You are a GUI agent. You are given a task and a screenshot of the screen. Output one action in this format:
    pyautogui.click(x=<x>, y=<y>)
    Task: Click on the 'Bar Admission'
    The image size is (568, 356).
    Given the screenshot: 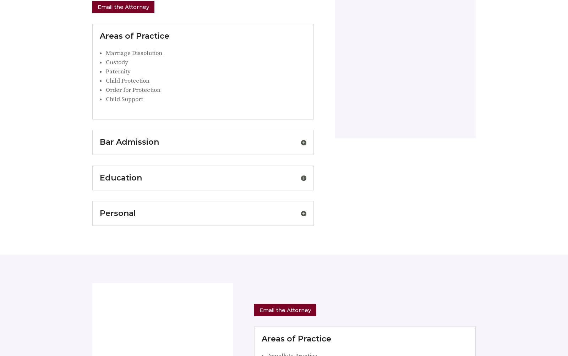 What is the action you would take?
    pyautogui.click(x=129, y=141)
    